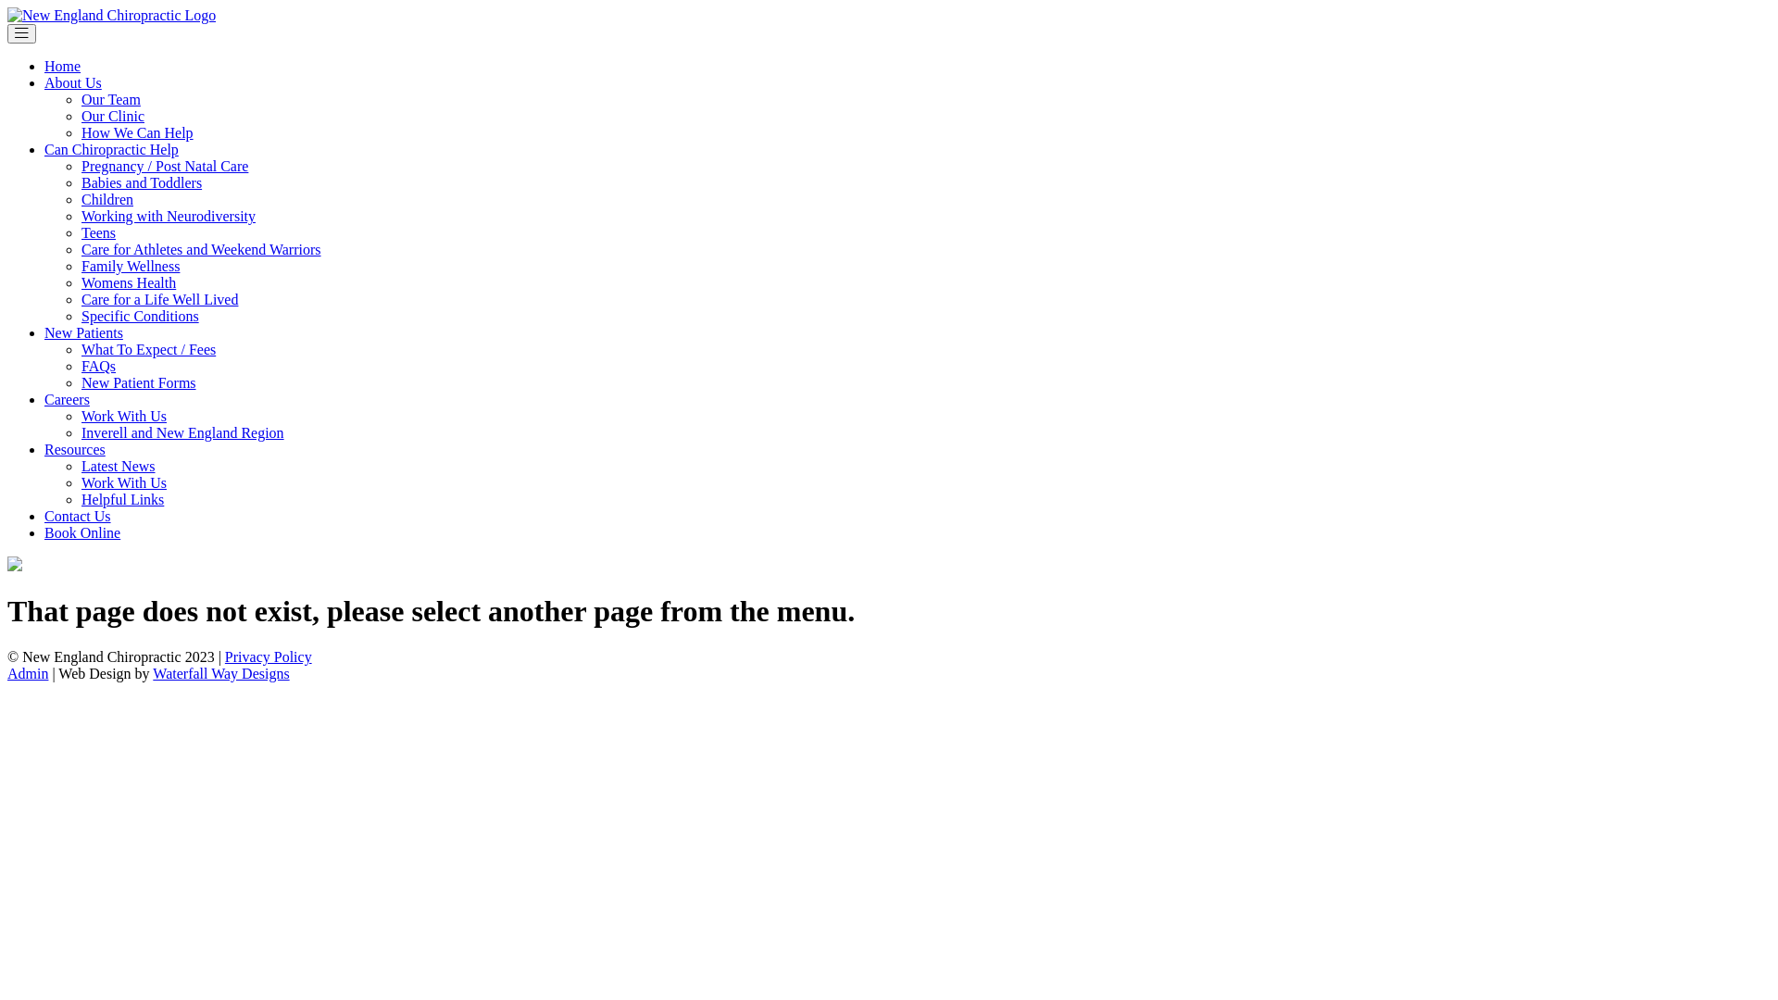 The width and height of the screenshot is (1778, 1000). What do you see at coordinates (80, 315) in the screenshot?
I see `'Specific Conditions'` at bounding box center [80, 315].